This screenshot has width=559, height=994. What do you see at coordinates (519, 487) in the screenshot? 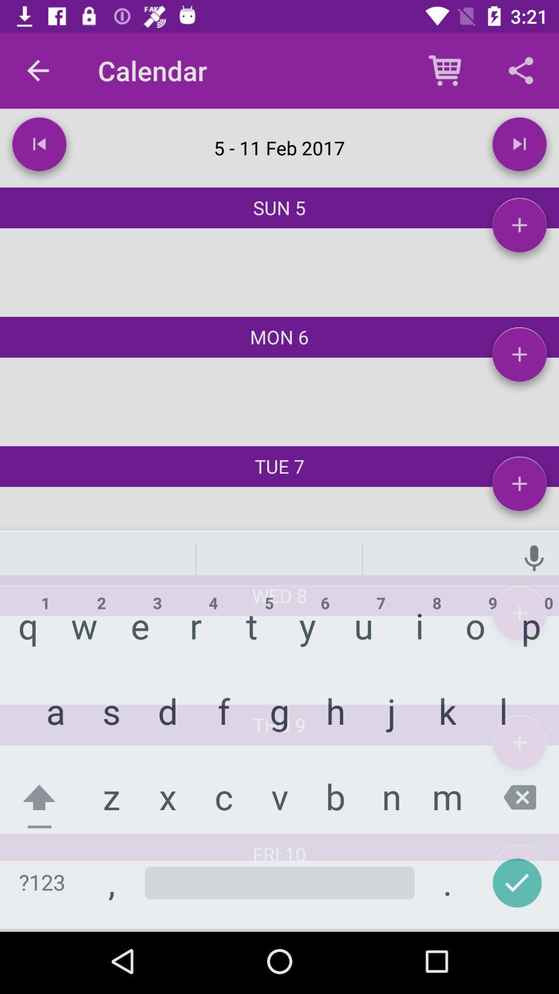
I see `the add icon` at bounding box center [519, 487].